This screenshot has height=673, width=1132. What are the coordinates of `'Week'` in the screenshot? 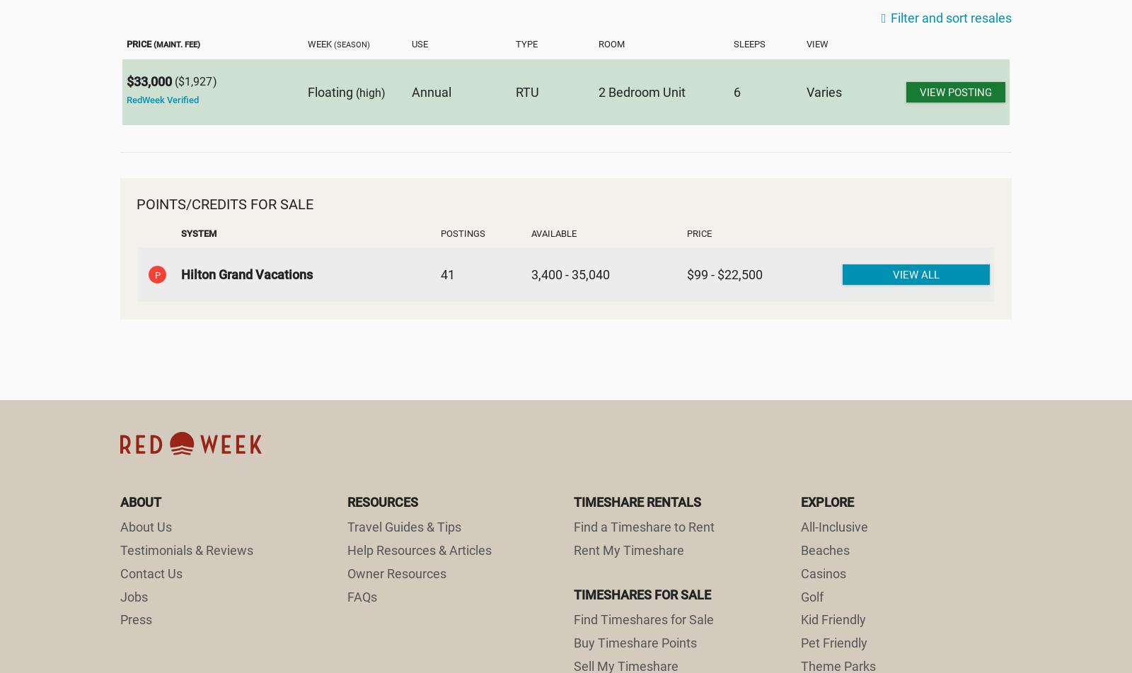 It's located at (320, 42).